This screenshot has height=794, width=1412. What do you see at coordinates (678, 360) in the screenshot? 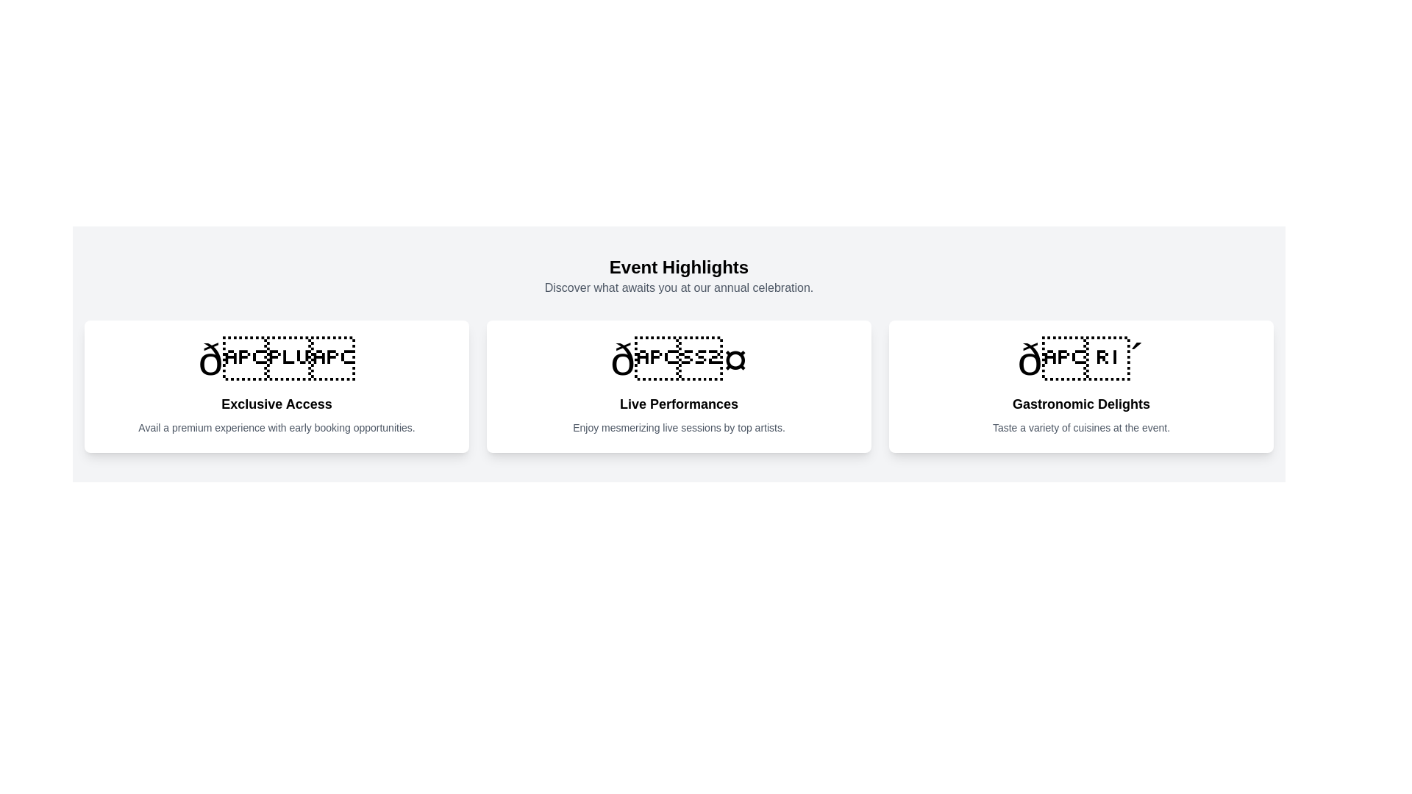
I see `the large, centrally placed emoji-like icon styled in bold black over a white background, located above the 'Live Performances' text in the middle card of a three-card layout` at bounding box center [678, 360].